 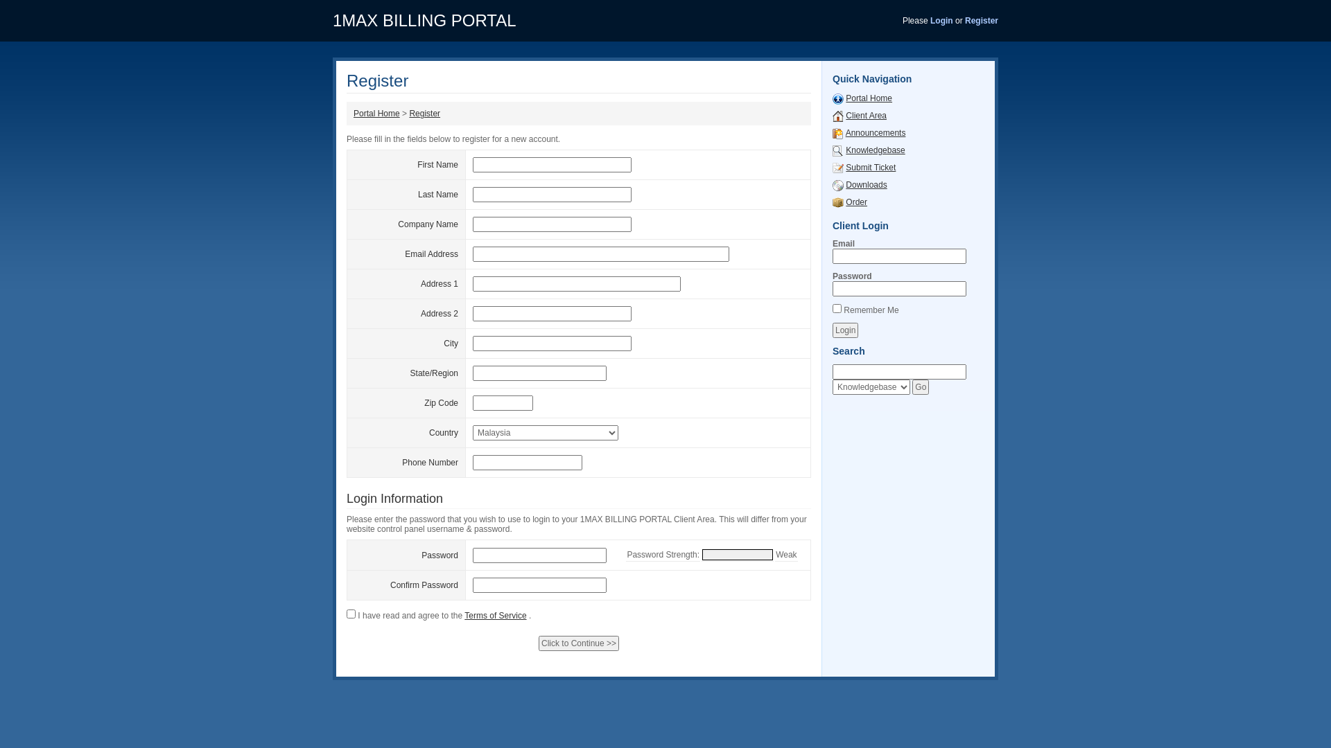 I want to click on 'Login', so click(x=941, y=21).